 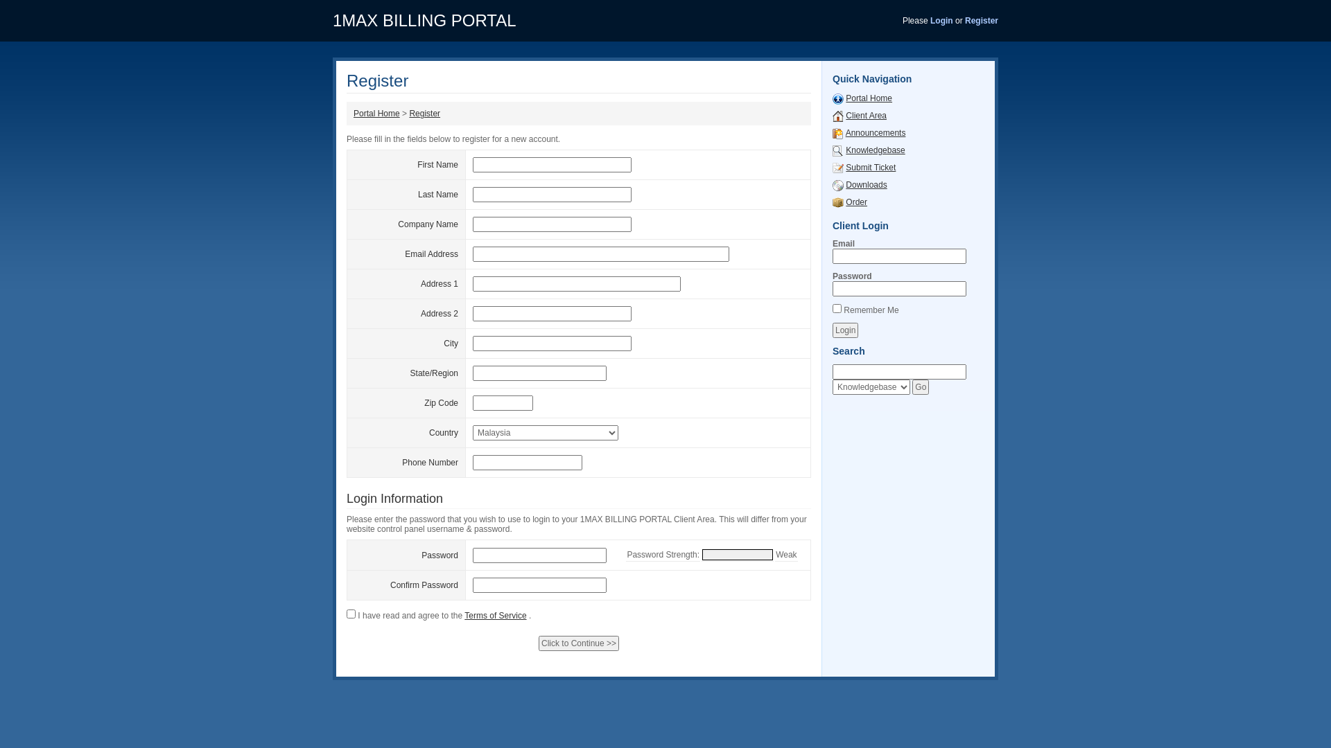 I want to click on 'Login', so click(x=941, y=21).